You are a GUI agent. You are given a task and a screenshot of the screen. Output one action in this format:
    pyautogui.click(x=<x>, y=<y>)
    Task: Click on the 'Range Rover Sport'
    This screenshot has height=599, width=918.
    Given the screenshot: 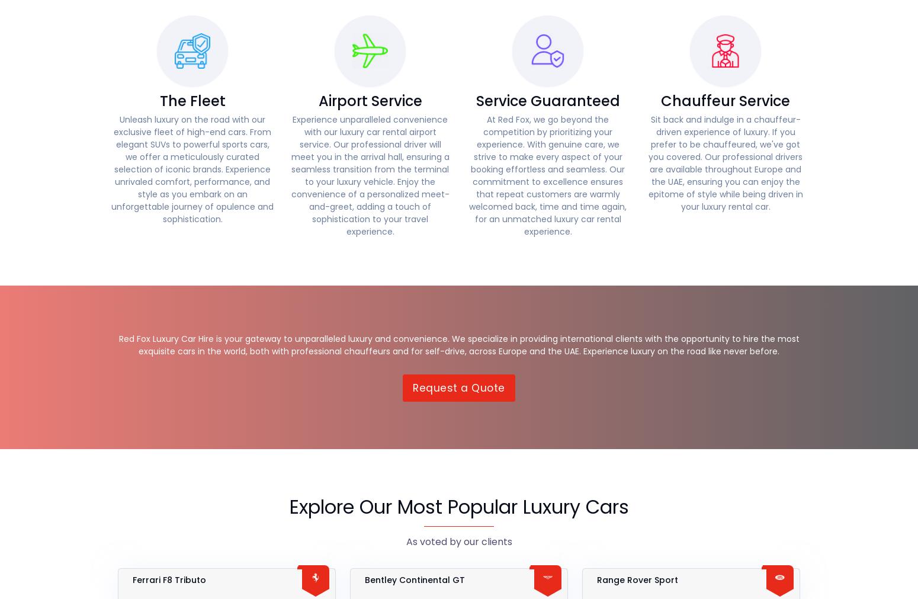 What is the action you would take?
    pyautogui.click(x=637, y=579)
    